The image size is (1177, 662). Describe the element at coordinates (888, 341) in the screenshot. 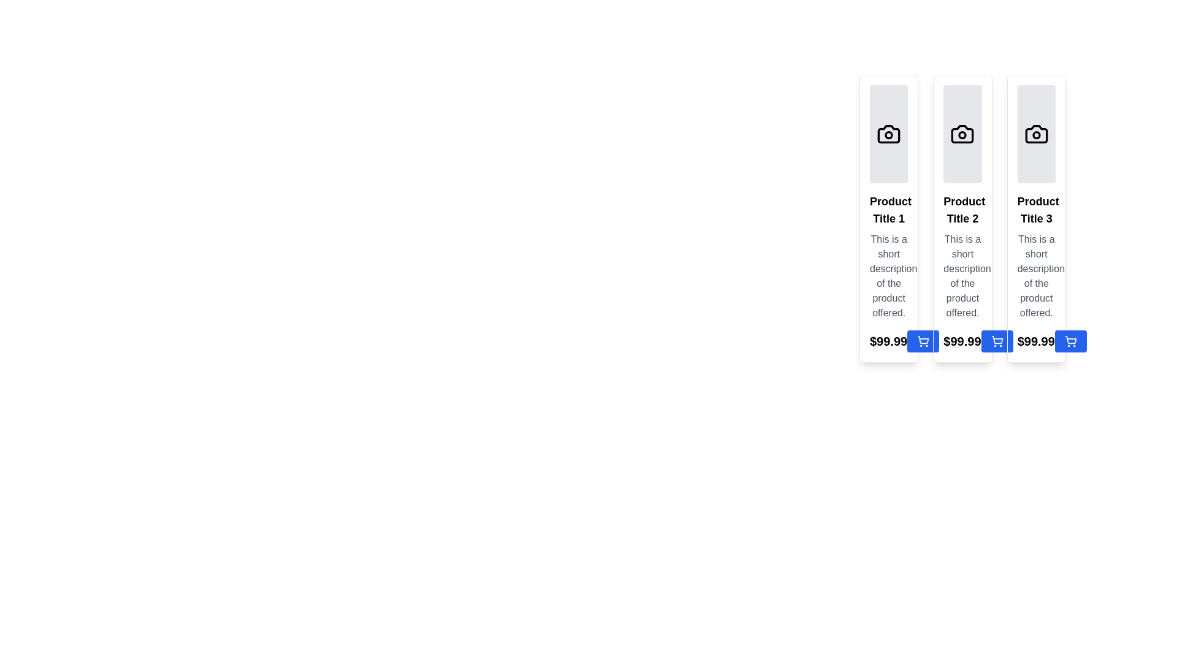

I see `the Text label displaying the price of 'Product Title 1' in the leftmost product card` at that location.